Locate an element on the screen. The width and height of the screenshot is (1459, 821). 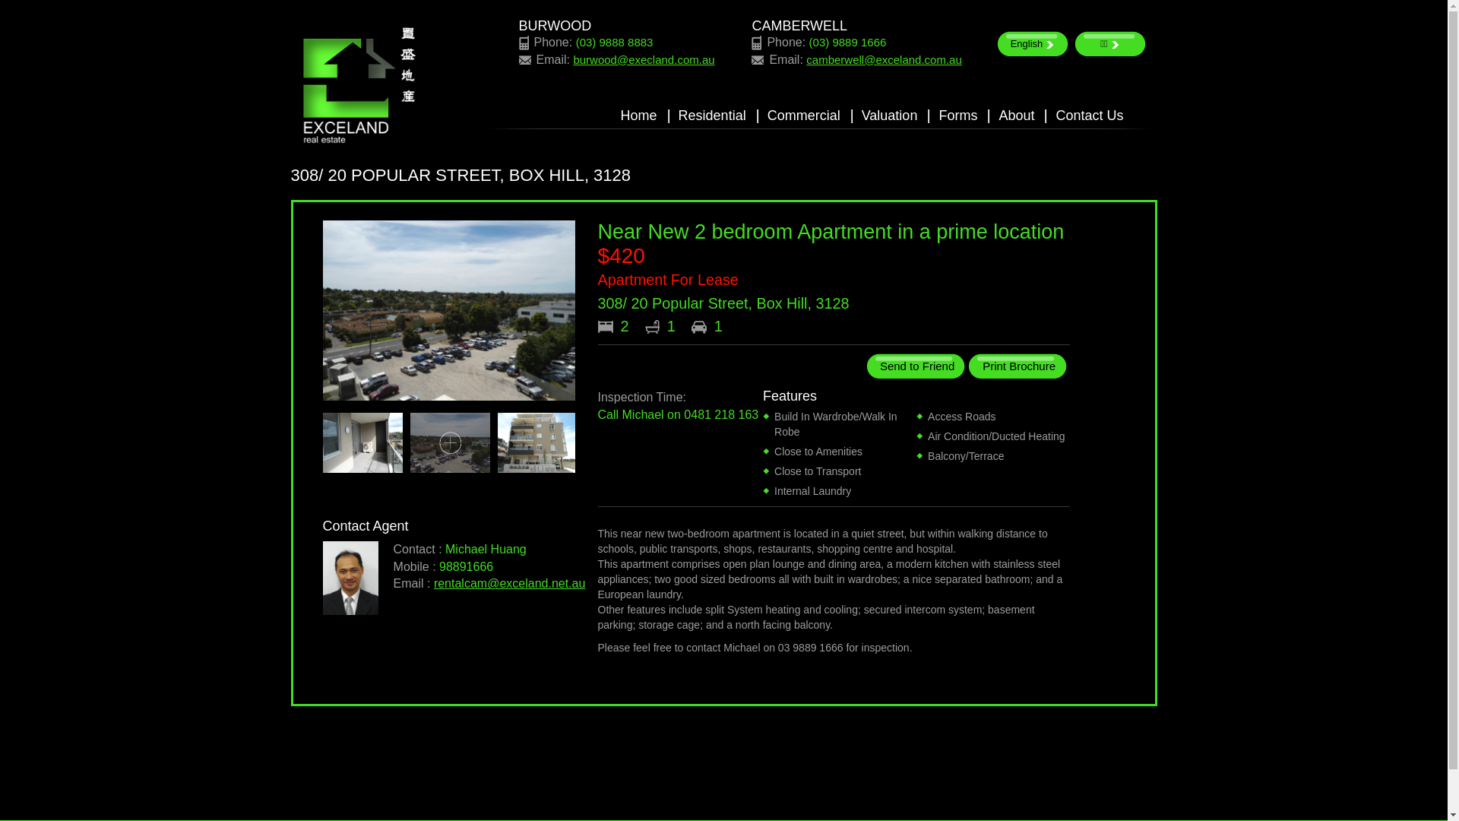
'Contact Us' is located at coordinates (1054, 116).